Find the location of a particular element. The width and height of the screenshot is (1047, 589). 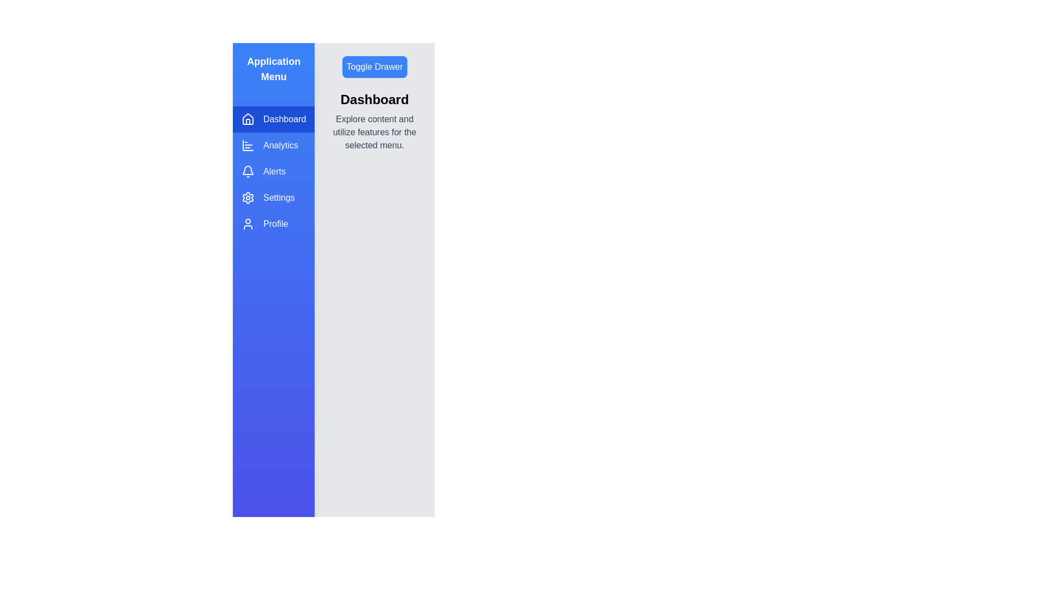

the menu item Profile from the drawer to switch to the corresponding section is located at coordinates (274, 224).